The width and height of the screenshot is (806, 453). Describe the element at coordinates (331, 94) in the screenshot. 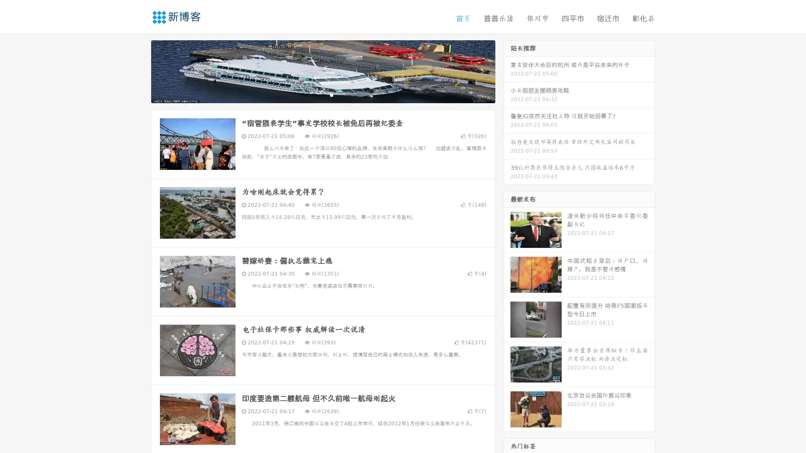

I see `Go to slide 3` at that location.